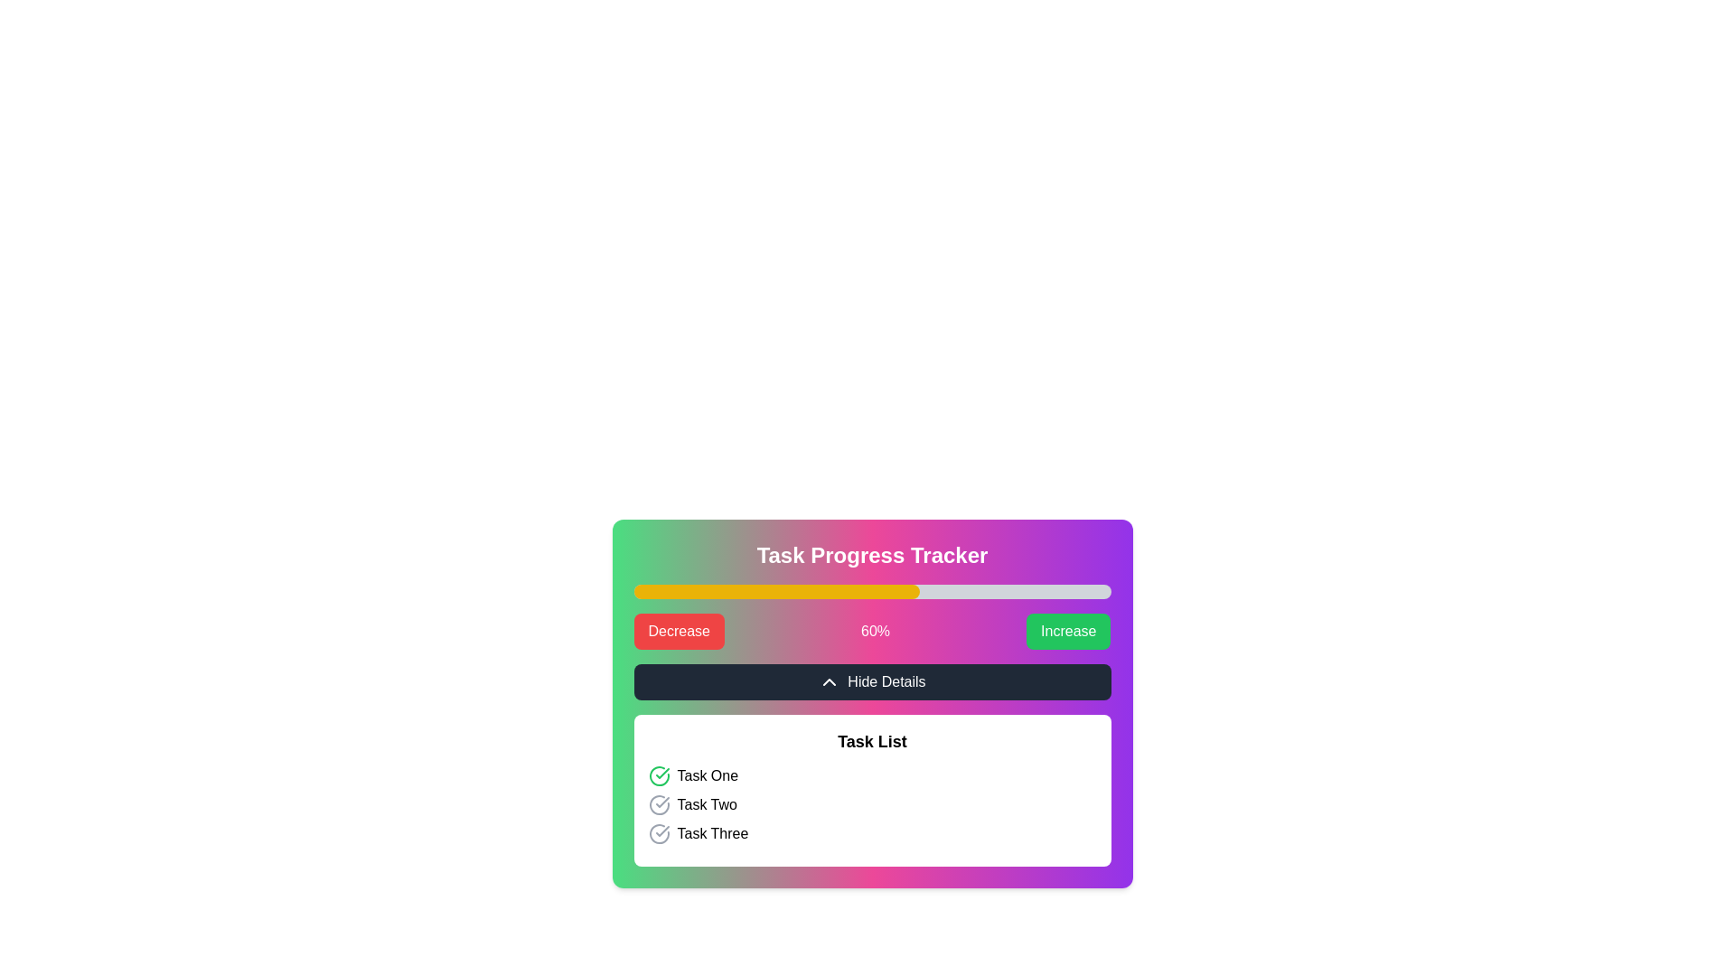 The height and width of the screenshot is (976, 1735). What do you see at coordinates (872, 703) in the screenshot?
I see `the 'Hide Details' button within the 'Task Progress Tracker' composite widget` at bounding box center [872, 703].